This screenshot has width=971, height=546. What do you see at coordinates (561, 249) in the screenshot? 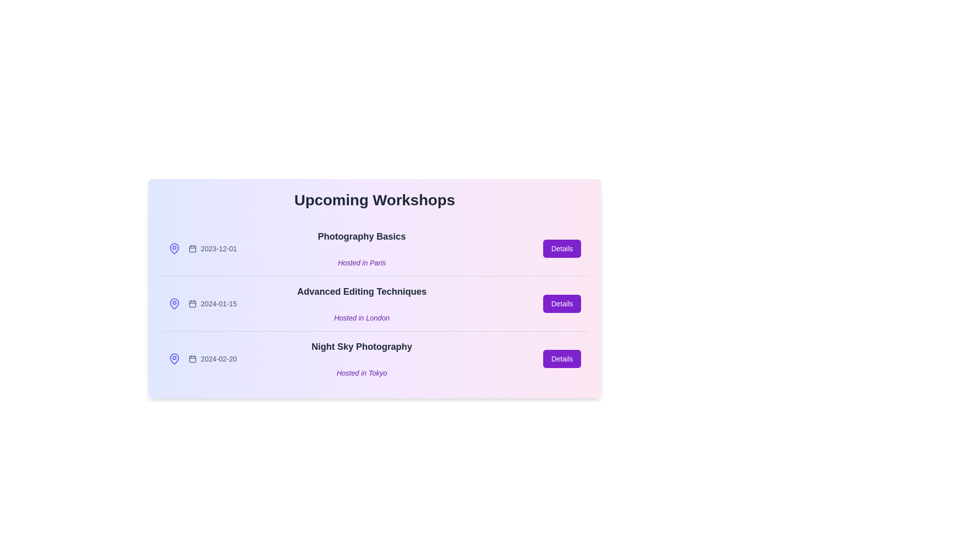
I see `the 'Details' button for the workshop titled 'Photography Basics'` at bounding box center [561, 249].